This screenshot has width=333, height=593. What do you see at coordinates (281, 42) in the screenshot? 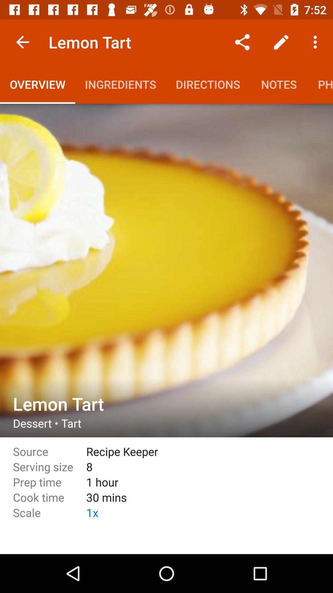
I see `the item above the notes icon` at bounding box center [281, 42].